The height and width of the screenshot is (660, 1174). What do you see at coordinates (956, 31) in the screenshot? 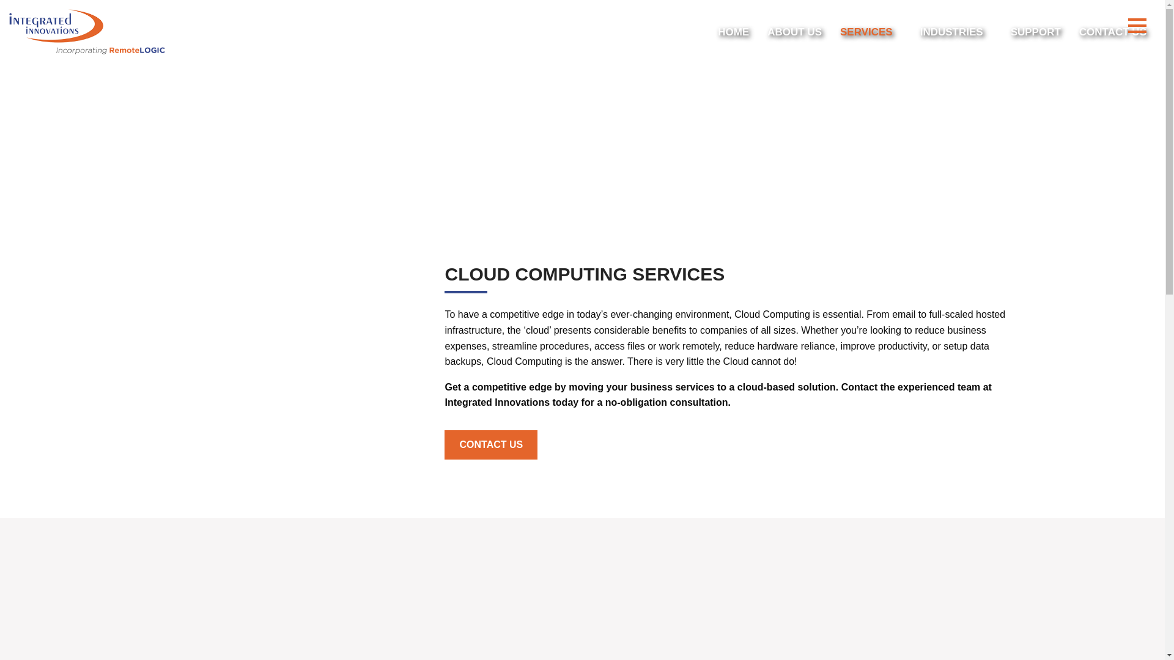
I see `'INDUSTRIES'` at bounding box center [956, 31].